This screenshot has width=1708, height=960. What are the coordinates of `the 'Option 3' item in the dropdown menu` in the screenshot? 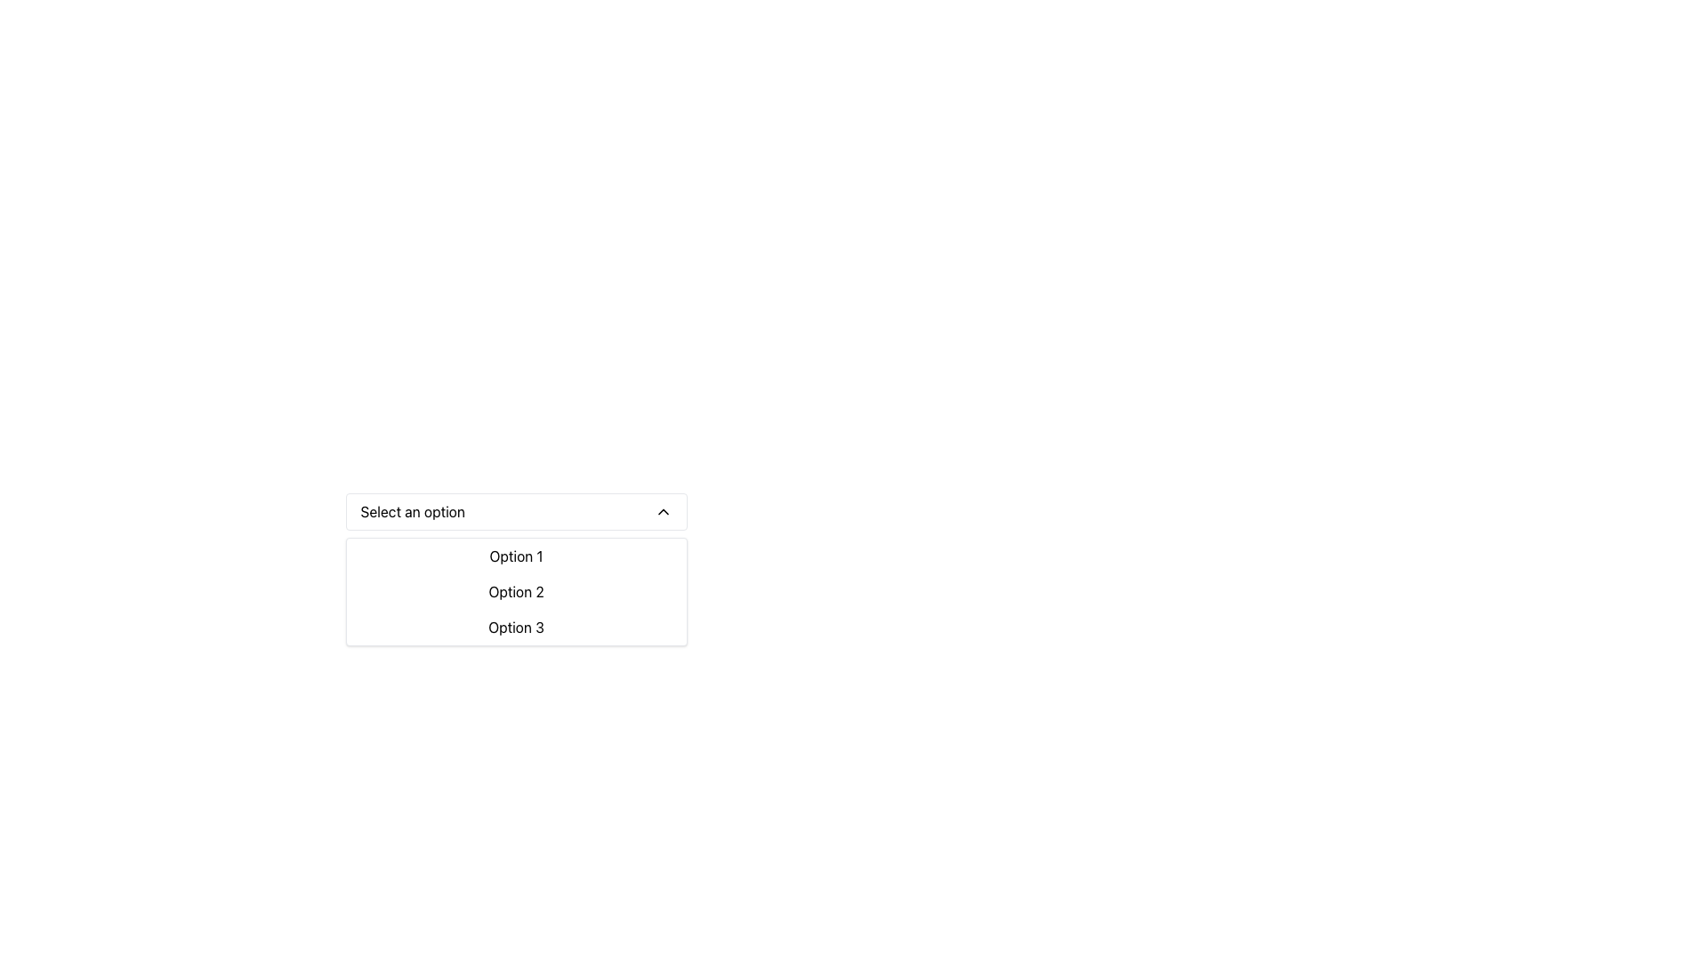 It's located at (515, 626).